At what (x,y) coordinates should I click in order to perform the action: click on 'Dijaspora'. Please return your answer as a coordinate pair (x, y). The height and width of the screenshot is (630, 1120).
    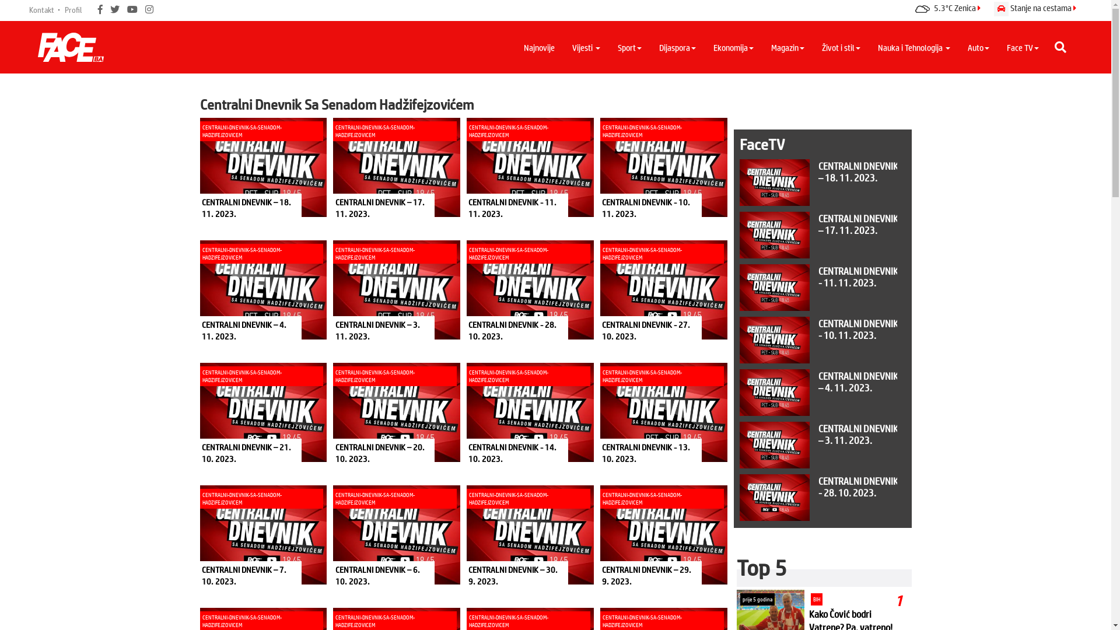
    Looking at the image, I should click on (677, 47).